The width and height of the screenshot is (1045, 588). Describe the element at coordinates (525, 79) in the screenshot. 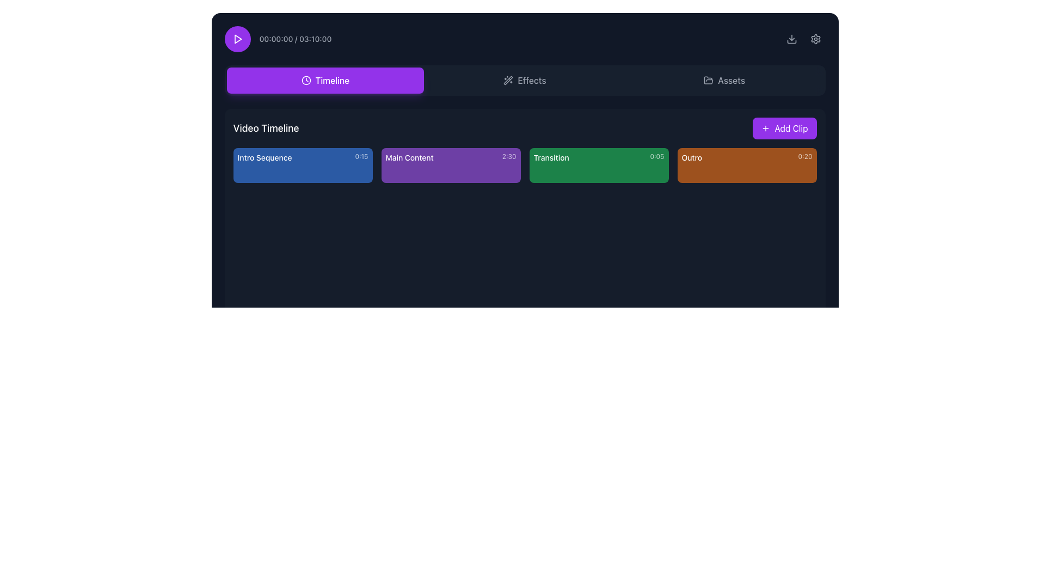

I see `the 'Effects' button, which is the second button in a group of three in the header interface` at that location.